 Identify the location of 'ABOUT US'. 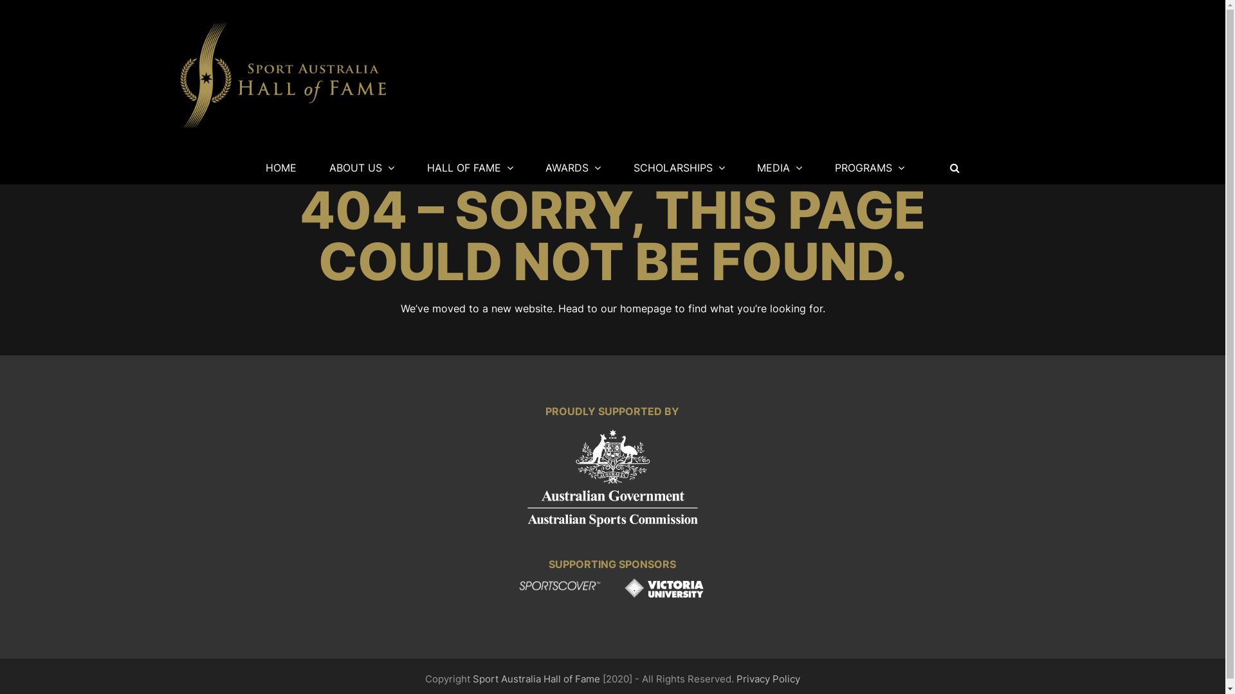
(361, 167).